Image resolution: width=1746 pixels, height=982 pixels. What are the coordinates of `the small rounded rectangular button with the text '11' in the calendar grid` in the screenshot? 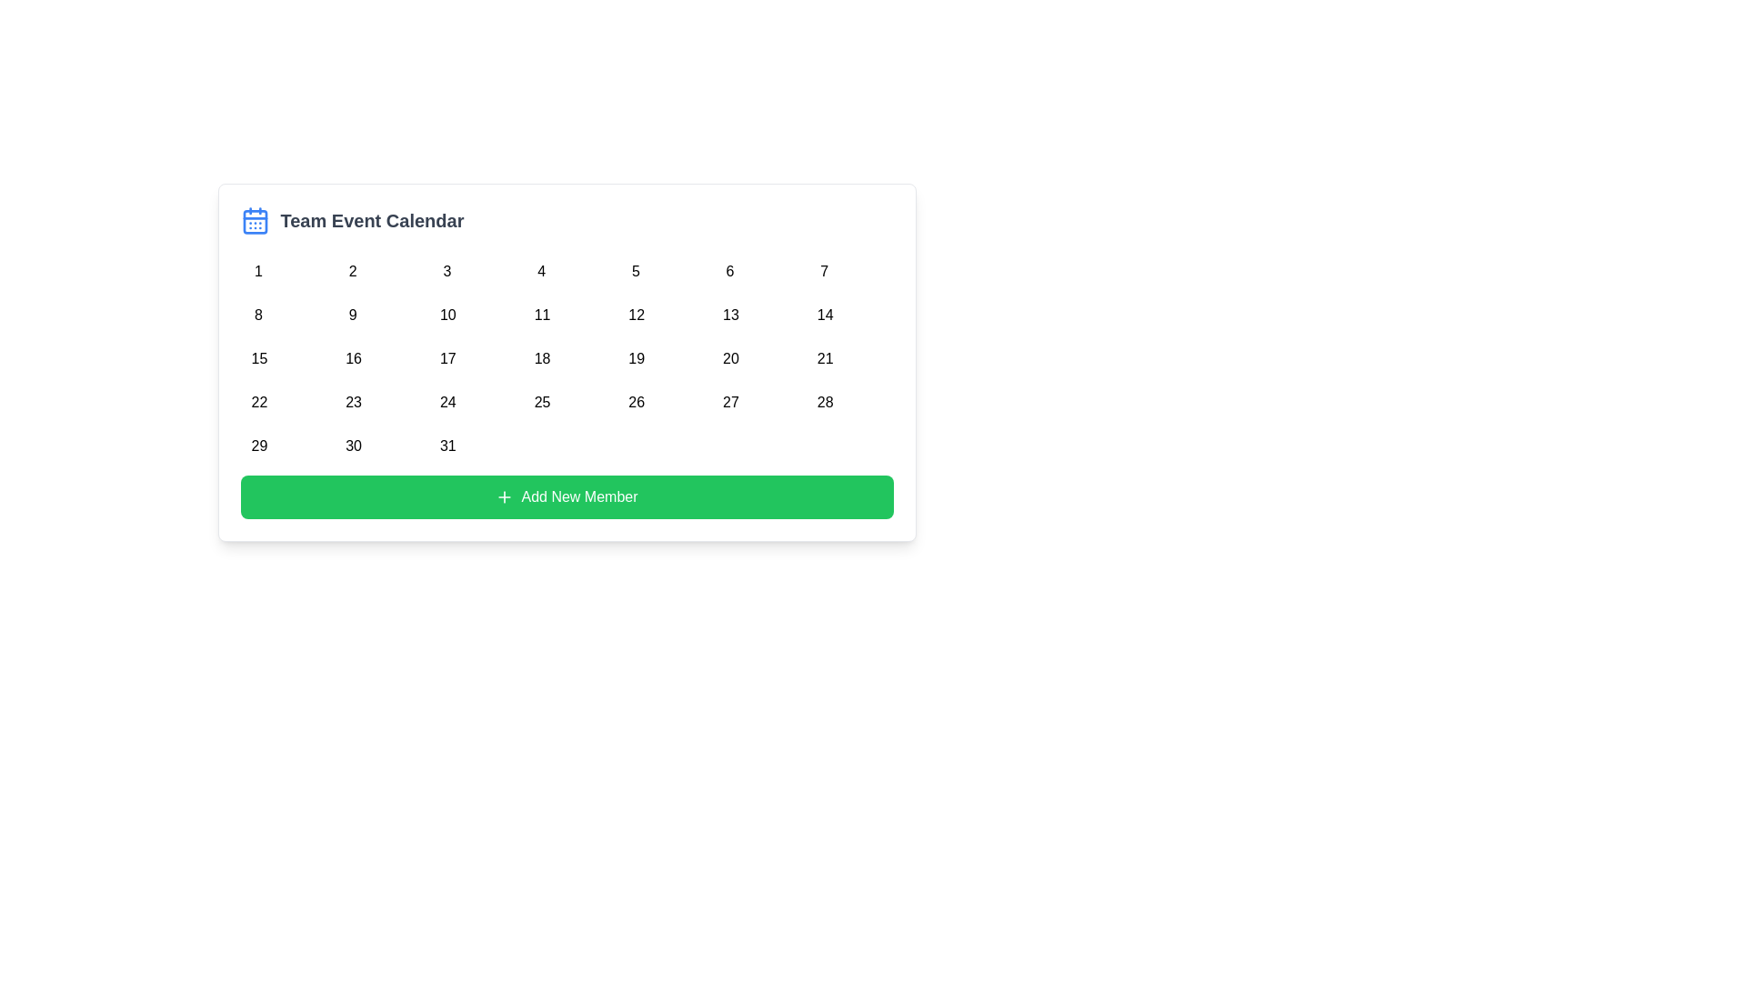 It's located at (540, 311).